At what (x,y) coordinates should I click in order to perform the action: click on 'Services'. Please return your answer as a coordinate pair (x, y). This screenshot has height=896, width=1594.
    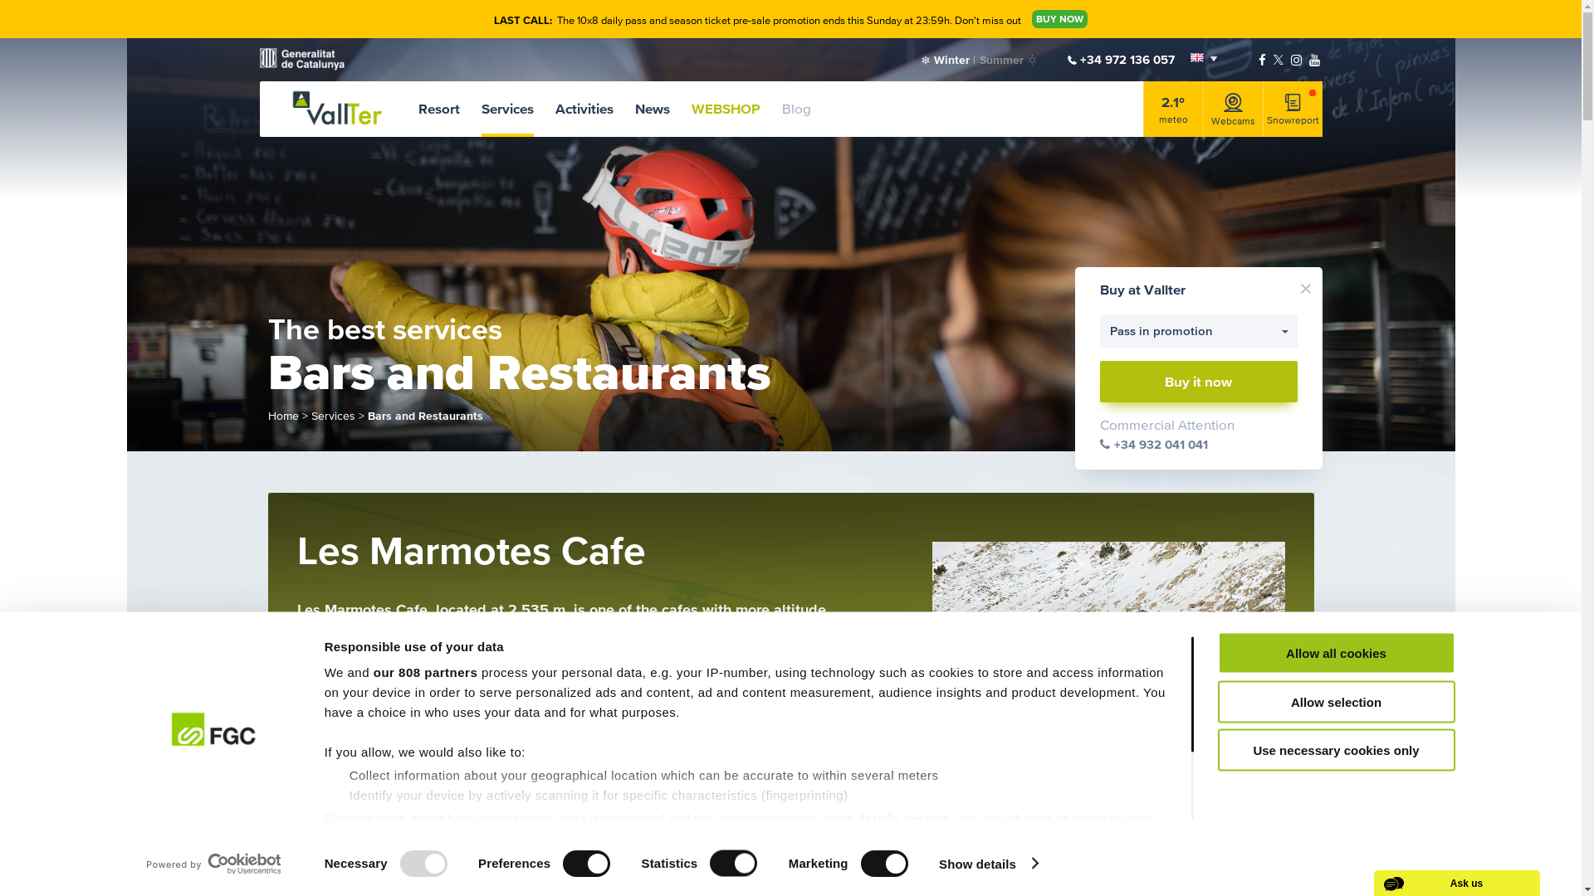
    Looking at the image, I should click on (506, 109).